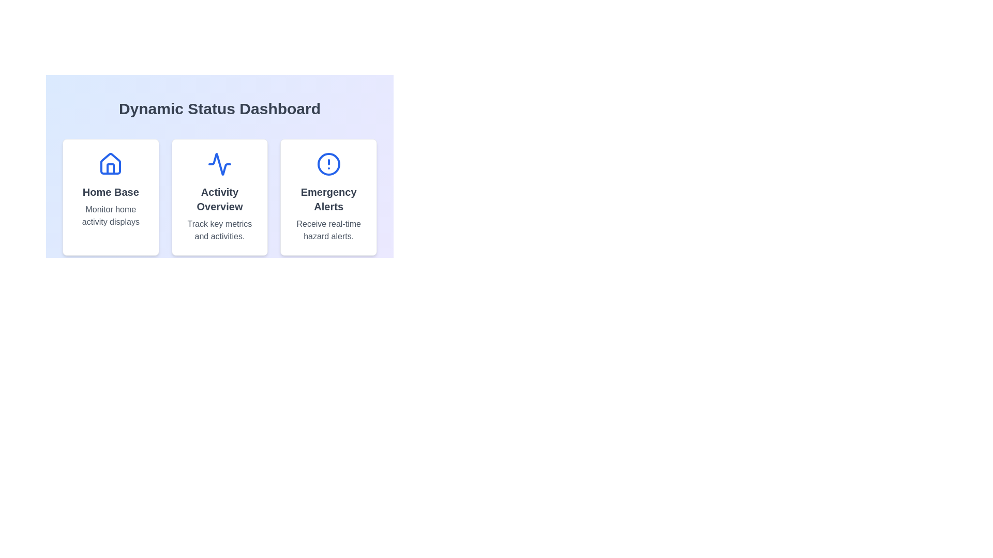 The height and width of the screenshot is (558, 993). What do you see at coordinates (111, 168) in the screenshot?
I see `the door element within the house icon located at the central lower section of the house icon on the 'Home Base' card` at bounding box center [111, 168].